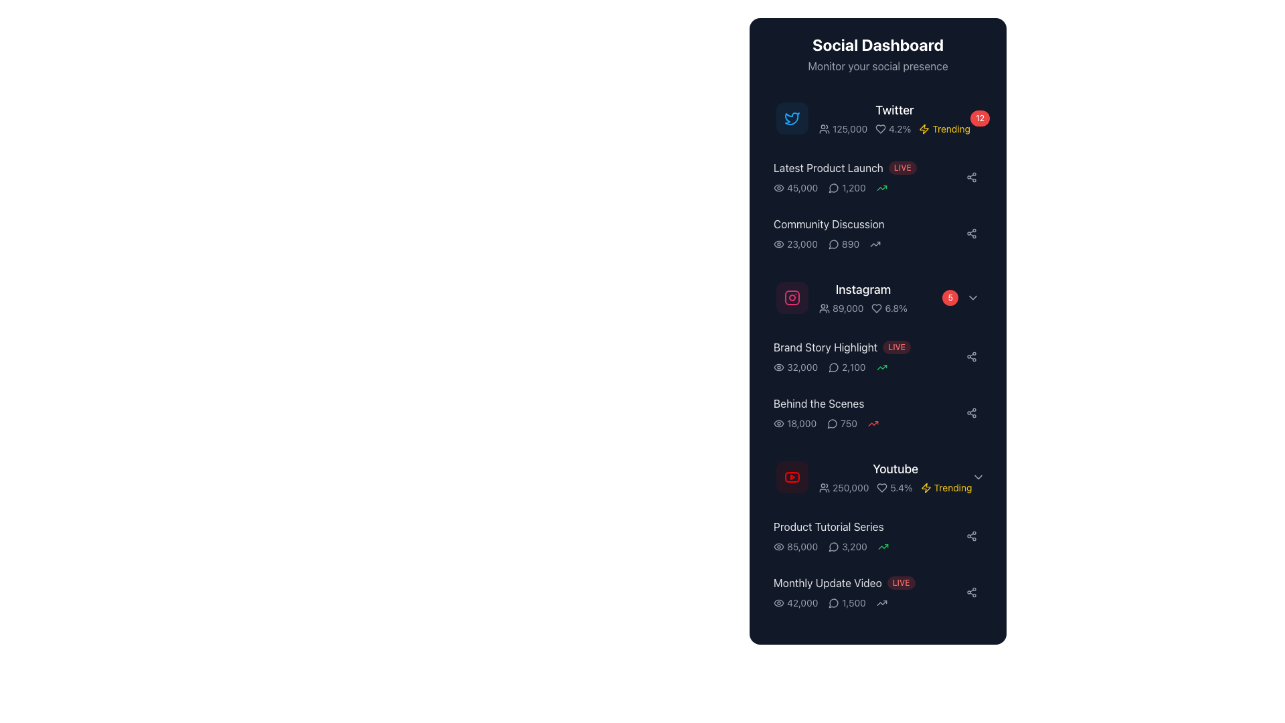  I want to click on the text label displaying '250,000' in gray text style, positioned under the 'Youtube' label in the 'Social Dashboard' interface, so click(843, 488).